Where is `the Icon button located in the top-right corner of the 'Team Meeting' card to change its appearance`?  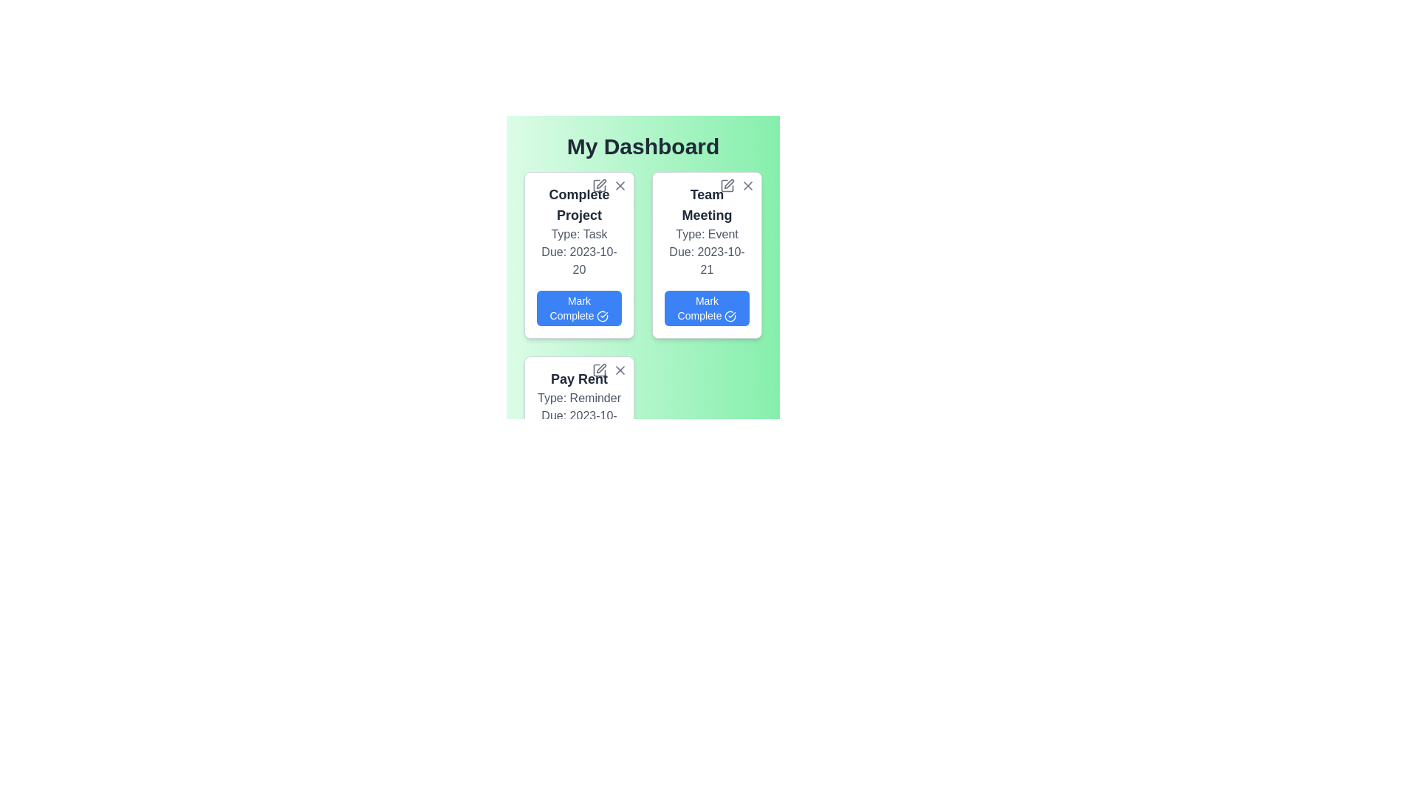 the Icon button located in the top-right corner of the 'Team Meeting' card to change its appearance is located at coordinates (747, 184).